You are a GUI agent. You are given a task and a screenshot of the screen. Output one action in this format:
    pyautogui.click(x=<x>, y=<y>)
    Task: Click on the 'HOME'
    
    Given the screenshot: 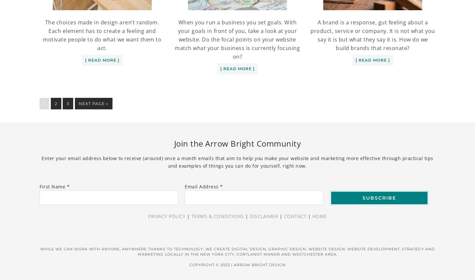 What is the action you would take?
    pyautogui.click(x=312, y=216)
    